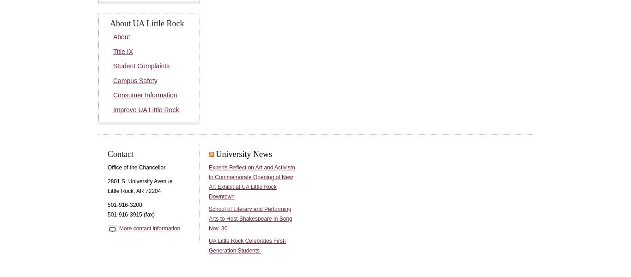 This screenshot has height=277, width=631. I want to click on 'Improve UA Little Rock', so click(146, 109).